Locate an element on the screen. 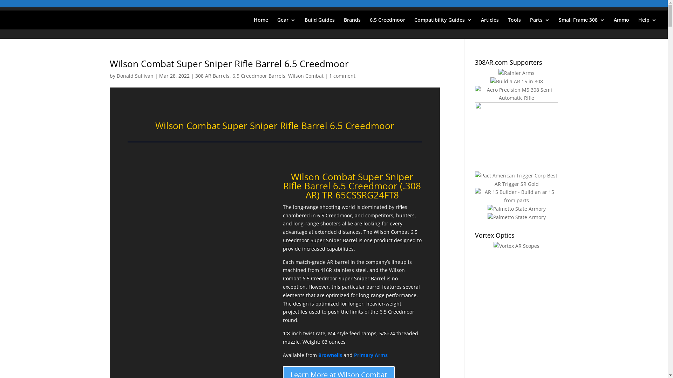 This screenshot has width=673, height=378. 'Rainier Arms' is located at coordinates (516, 73).